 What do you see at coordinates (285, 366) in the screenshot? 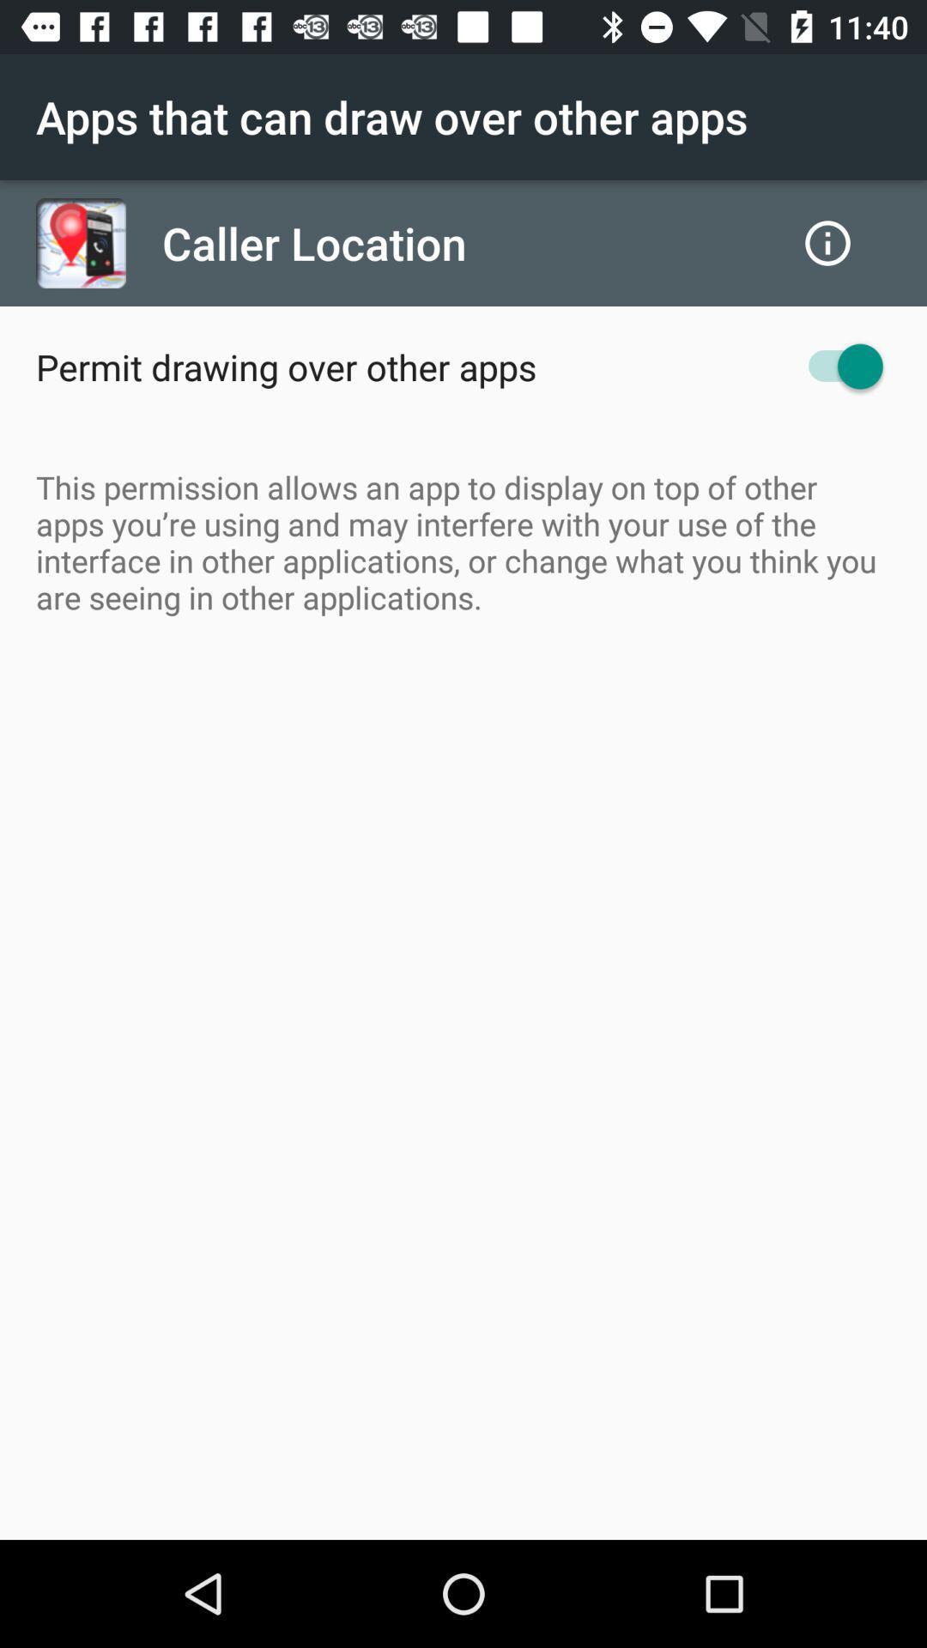
I see `the permit drawing over app` at bounding box center [285, 366].